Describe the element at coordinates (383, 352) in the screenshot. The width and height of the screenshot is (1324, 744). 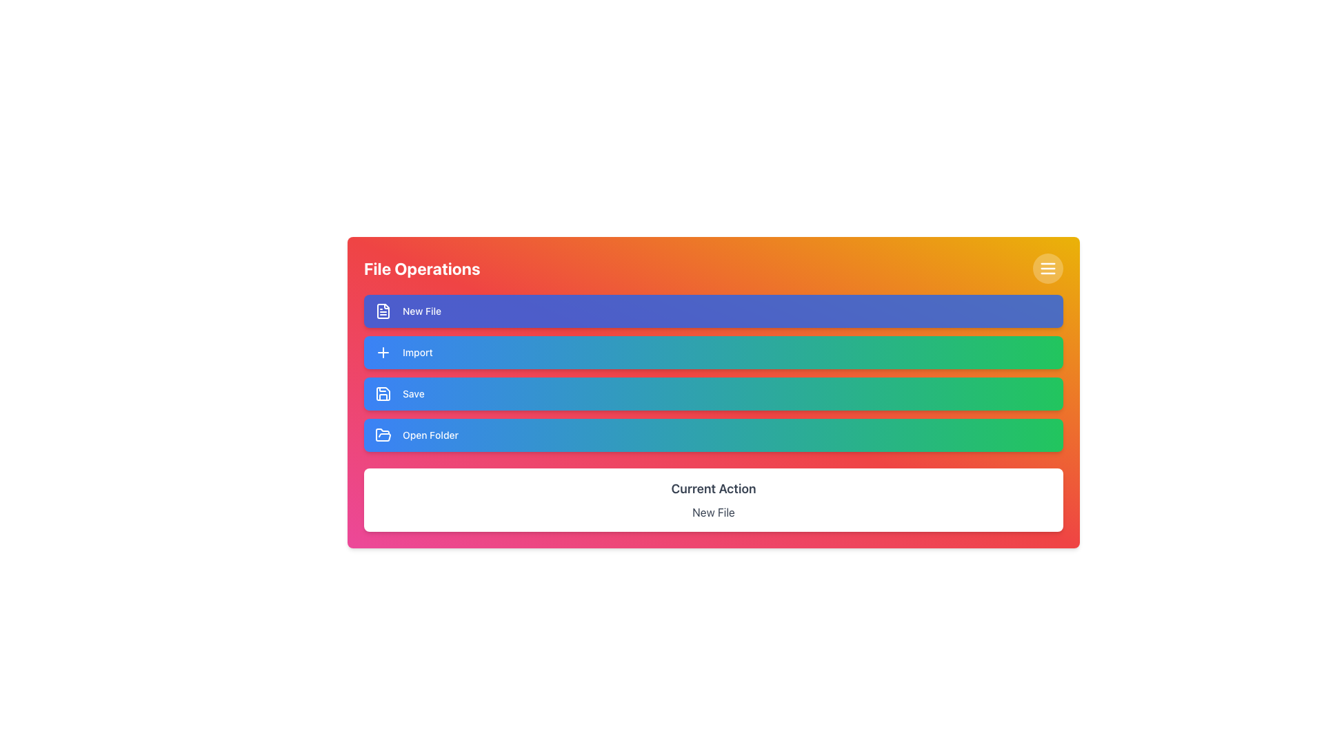
I see `the plus icon on the left side of the 'Import' button to interact with it` at that location.